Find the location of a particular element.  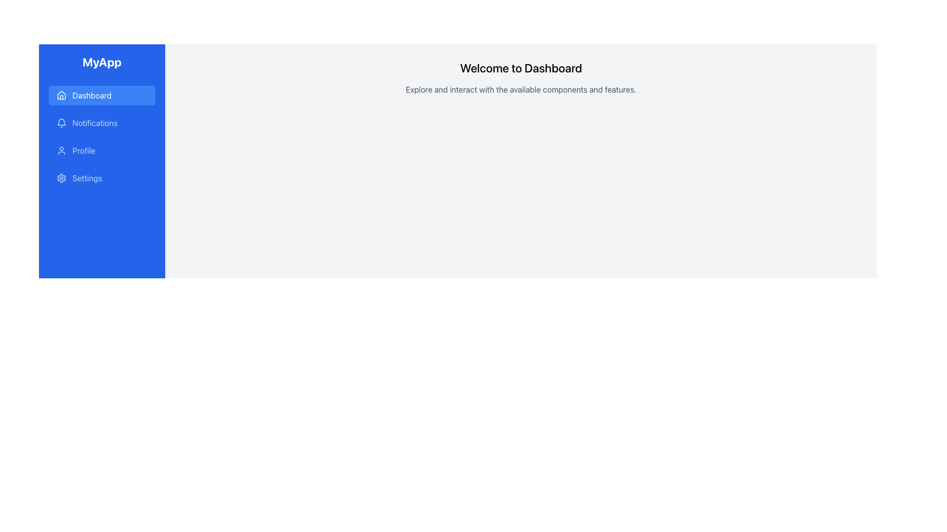

the 'Notifications' menu item in the vertical navigation bar, which has a blue background, a bell icon, and light blue text is located at coordinates (102, 123).